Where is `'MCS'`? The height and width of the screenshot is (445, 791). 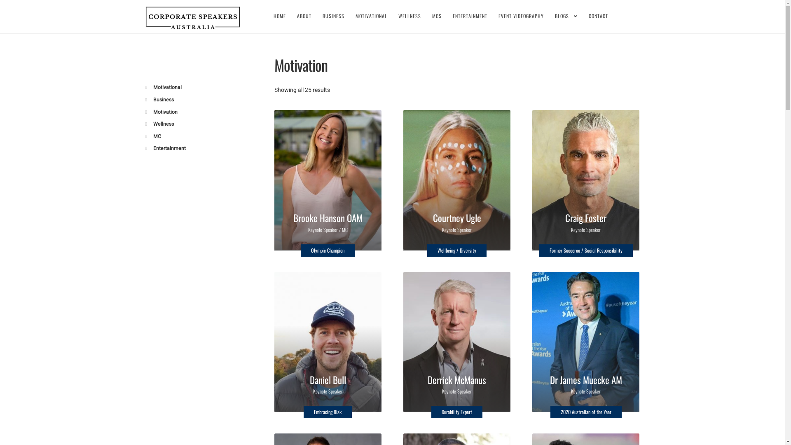 'MCS' is located at coordinates (436, 16).